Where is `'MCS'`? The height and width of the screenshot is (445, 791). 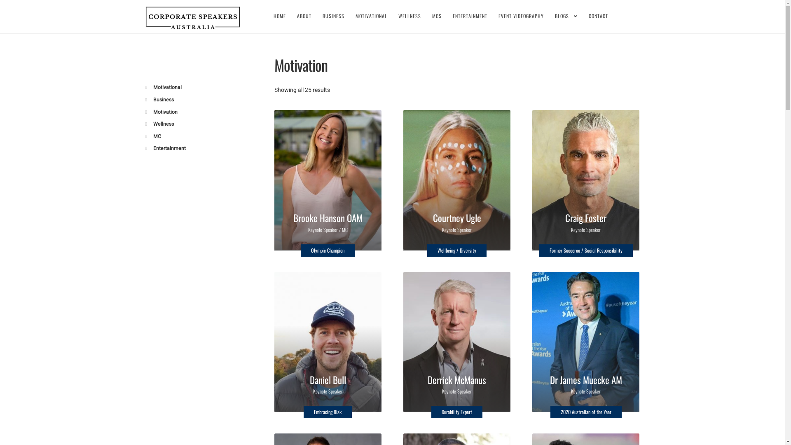 'MCS' is located at coordinates (436, 16).